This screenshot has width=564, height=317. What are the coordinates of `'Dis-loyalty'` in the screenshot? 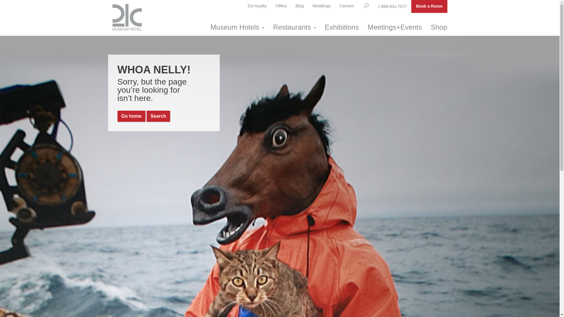 It's located at (257, 6).